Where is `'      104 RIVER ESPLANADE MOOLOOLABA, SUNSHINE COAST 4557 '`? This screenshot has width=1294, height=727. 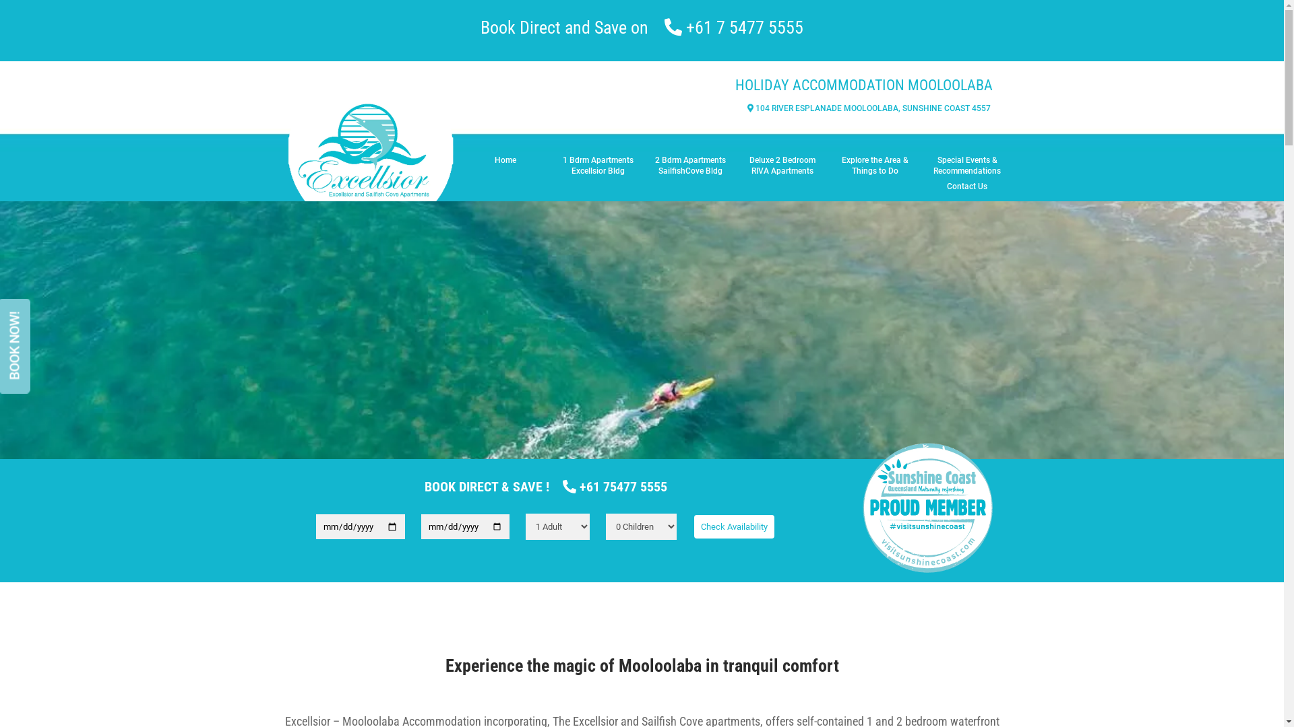 '      104 RIVER ESPLANADE MOOLOOLABA, SUNSHINE COAST 4557 ' is located at coordinates (865, 108).